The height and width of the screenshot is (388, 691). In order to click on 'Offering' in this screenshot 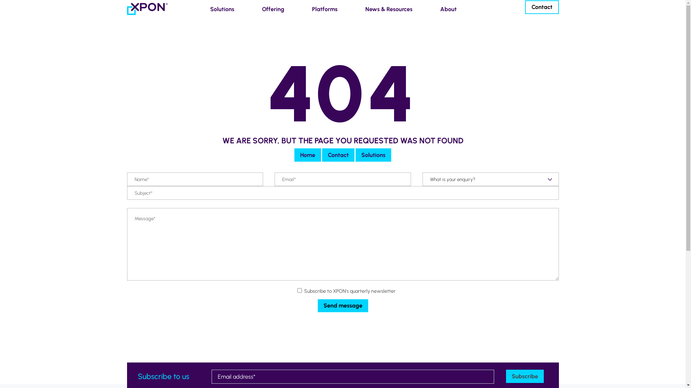, I will do `click(271, 9)`.